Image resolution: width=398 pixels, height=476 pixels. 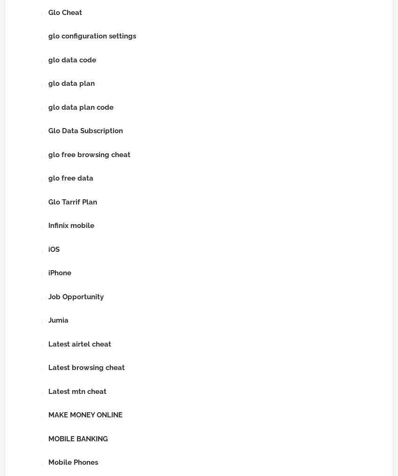 I want to click on 'Job Opportunity', so click(x=76, y=296).